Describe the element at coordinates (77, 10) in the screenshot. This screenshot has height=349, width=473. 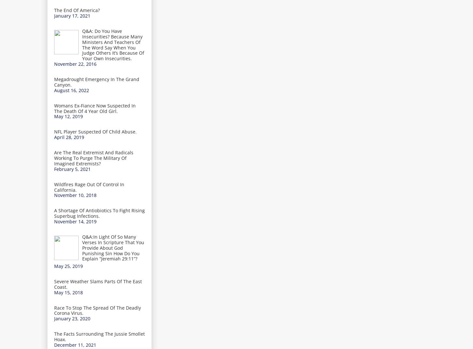
I see `'The End Of America?'` at that location.